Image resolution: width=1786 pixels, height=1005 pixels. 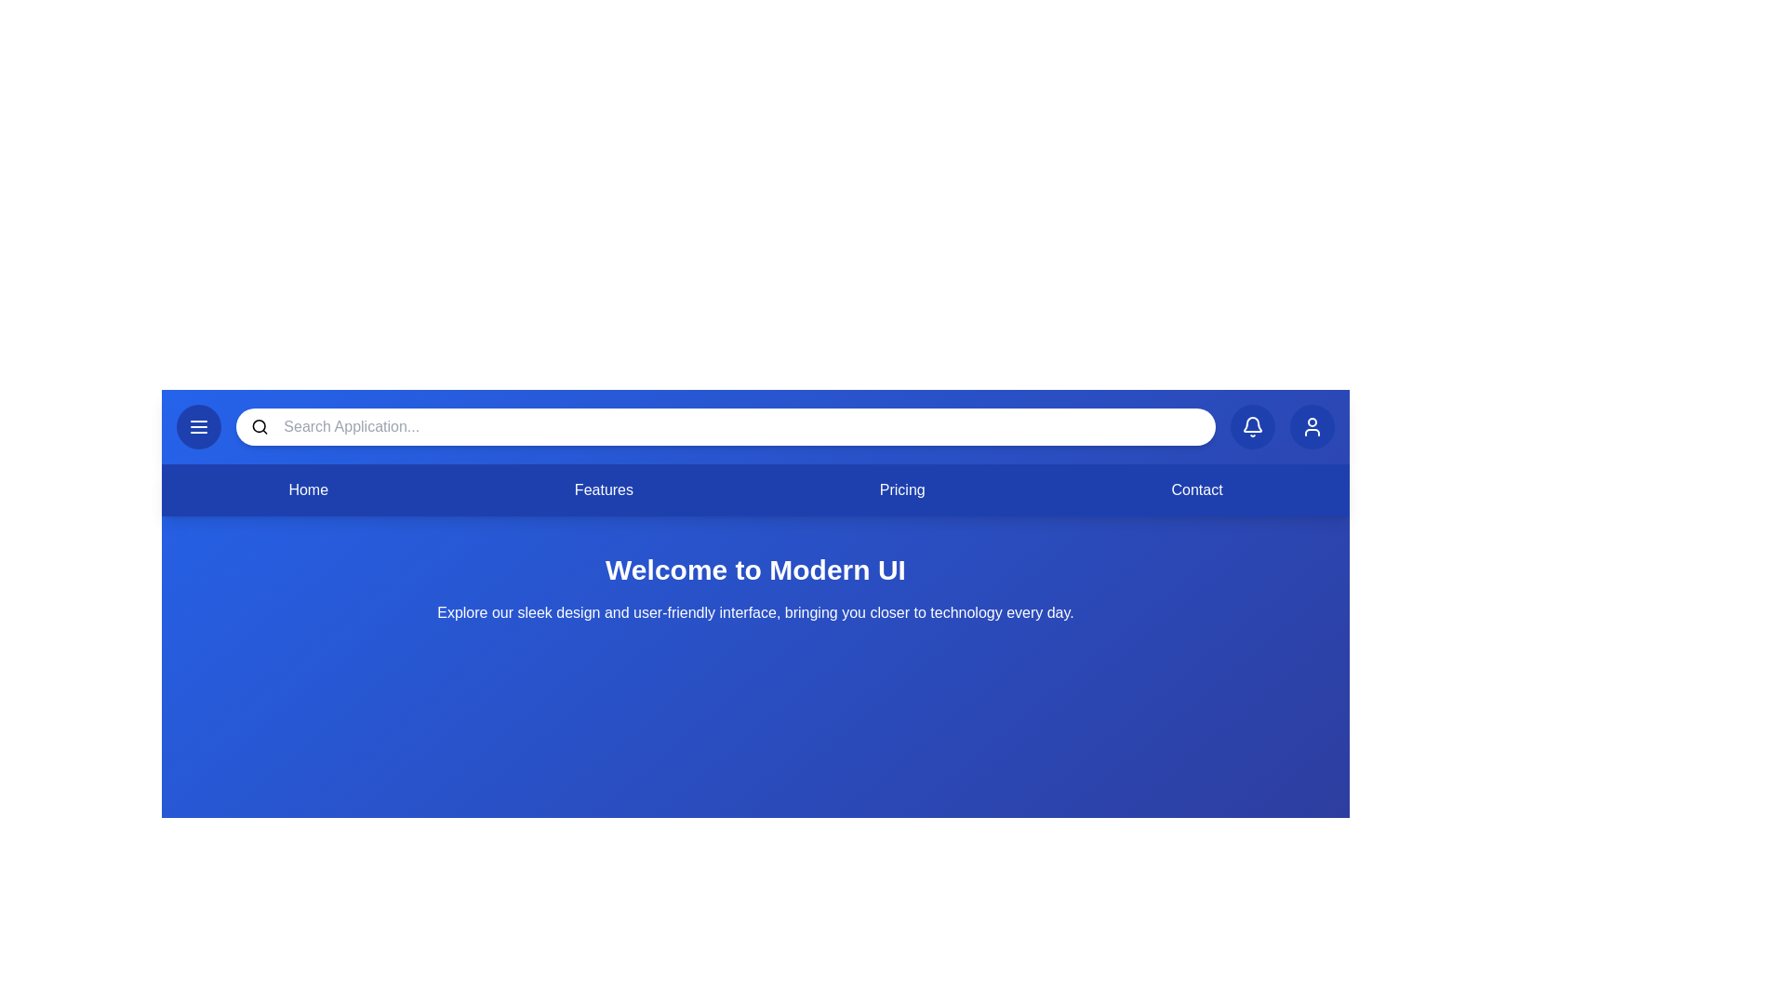 What do you see at coordinates (1196, 489) in the screenshot?
I see `the navigation link Contact to access the corresponding section` at bounding box center [1196, 489].